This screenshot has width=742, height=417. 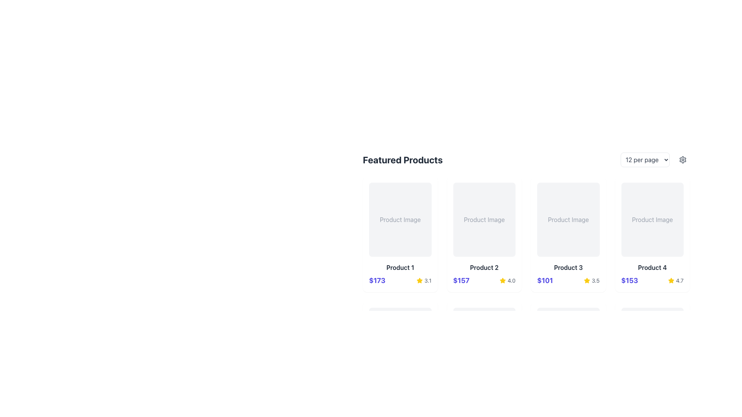 What do you see at coordinates (682, 159) in the screenshot?
I see `the gear-shaped icon located to the immediate right of the dropdown component showing '12 per page'` at bounding box center [682, 159].